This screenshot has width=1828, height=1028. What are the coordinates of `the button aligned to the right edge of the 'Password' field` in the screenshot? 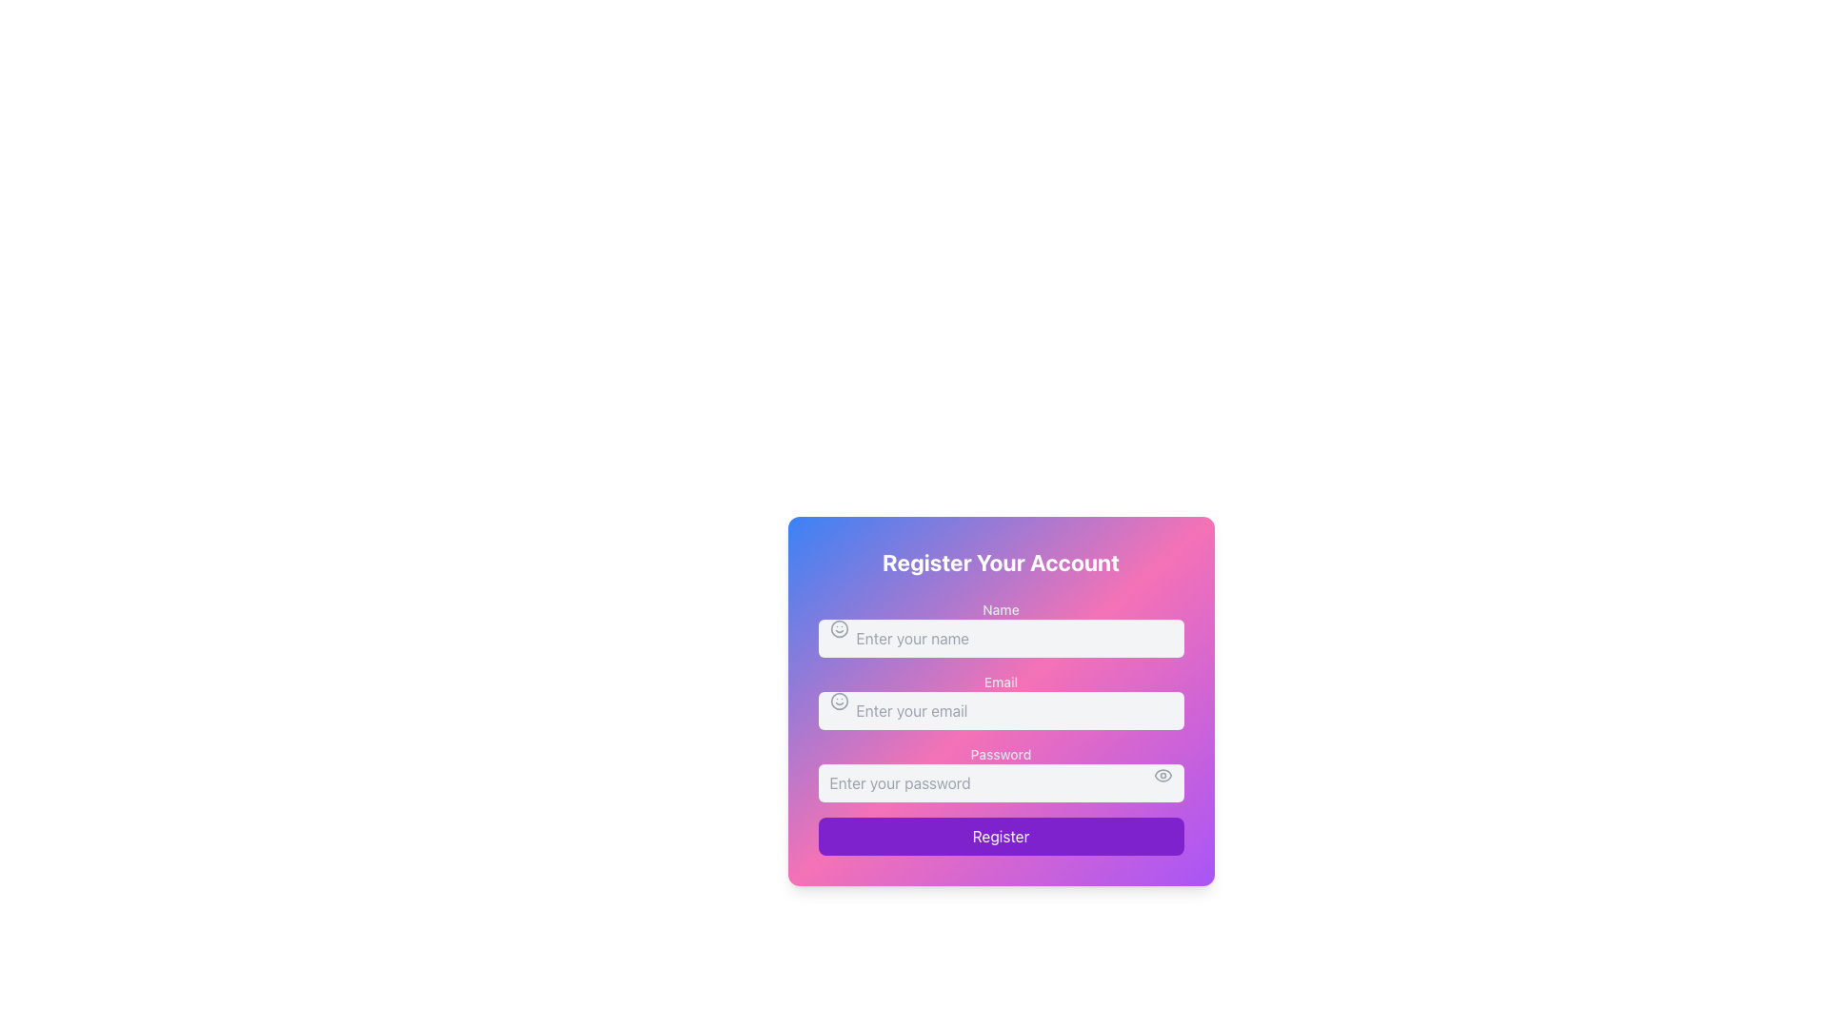 It's located at (1162, 775).